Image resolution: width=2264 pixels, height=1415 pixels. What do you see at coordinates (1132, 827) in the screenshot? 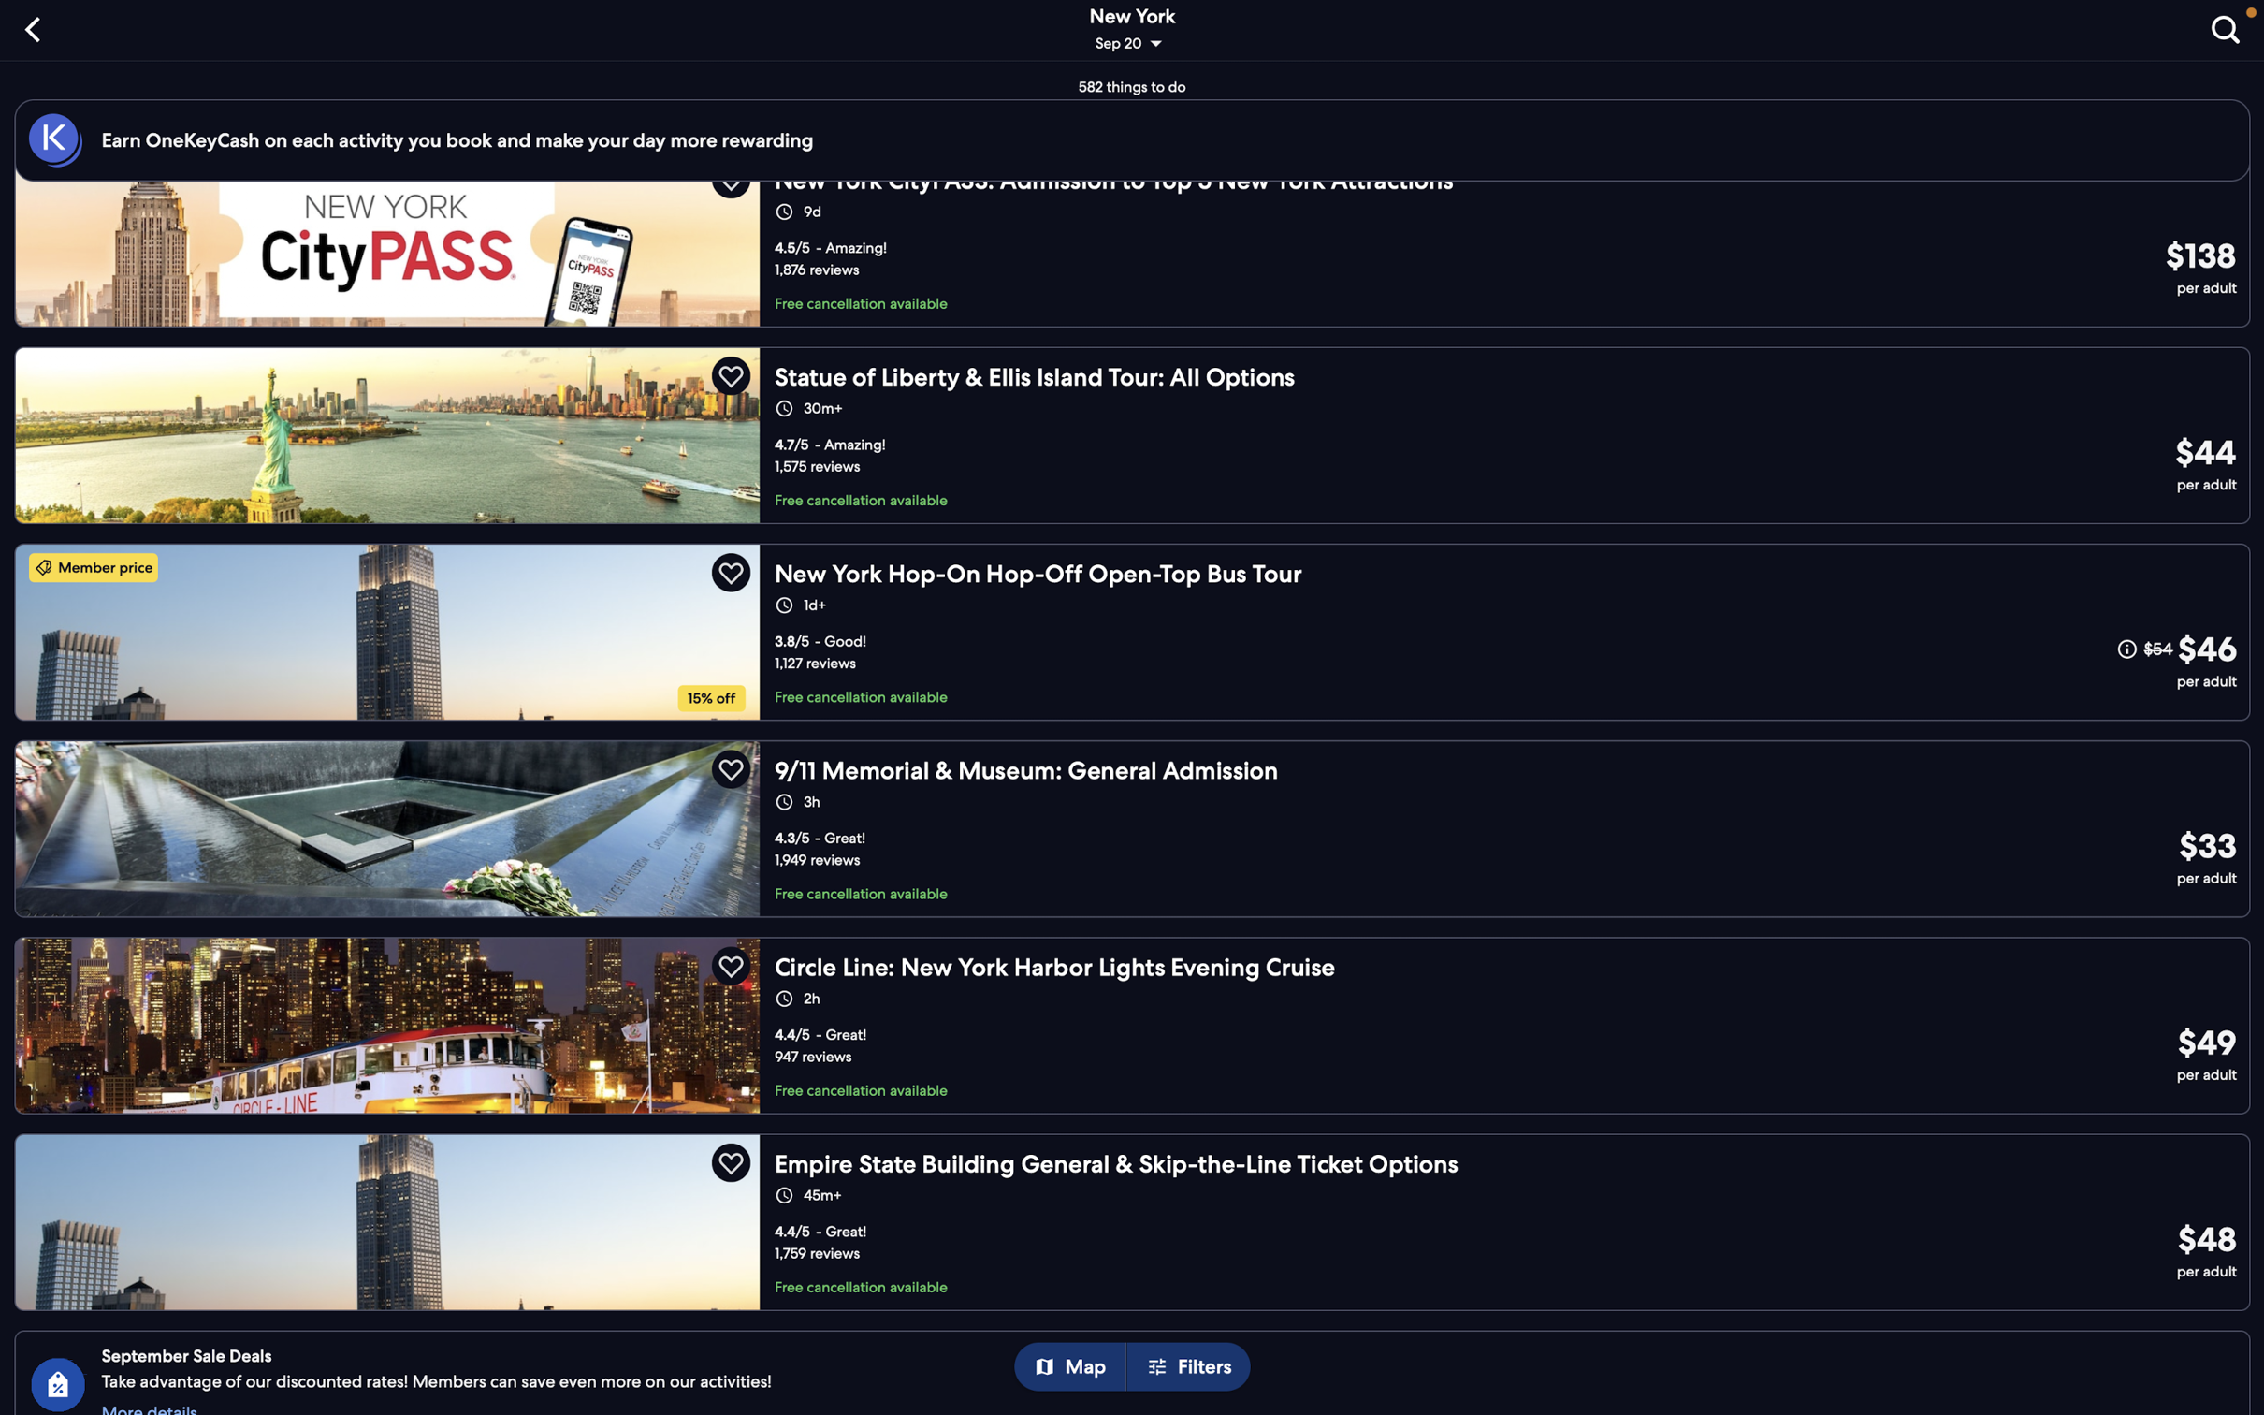
I see `the "memorial tour" option to add it to the itinerary` at bounding box center [1132, 827].